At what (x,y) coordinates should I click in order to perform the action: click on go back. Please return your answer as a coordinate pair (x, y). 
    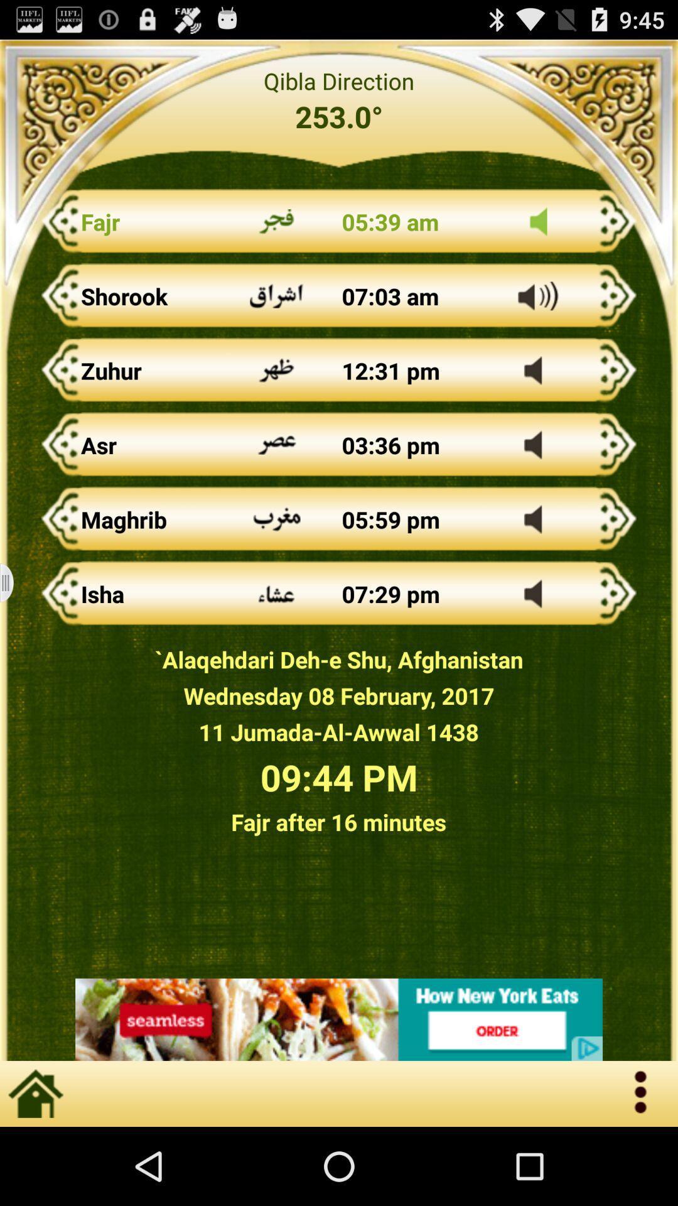
    Looking at the image, I should click on (339, 1019).